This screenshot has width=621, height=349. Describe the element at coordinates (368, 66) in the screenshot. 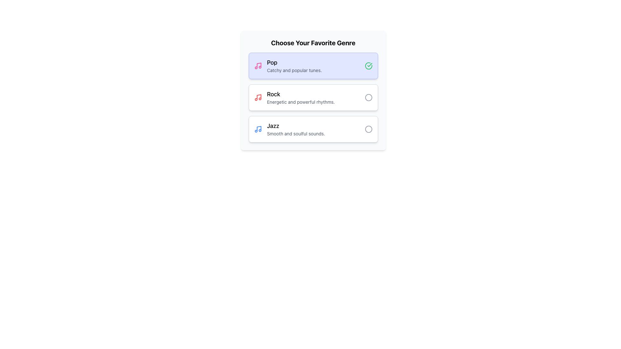

I see `the selection icon that indicates the 'Pop' option, located in the upper-right corner of the first card in a vertical list of music genres` at that location.